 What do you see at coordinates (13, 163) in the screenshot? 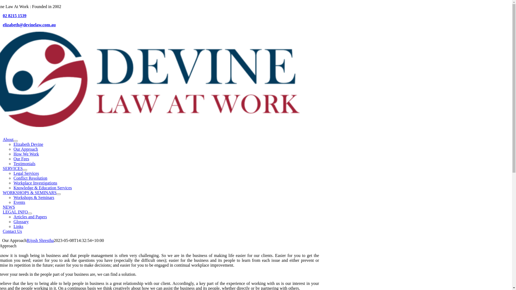
I see `'Testimonials'` at bounding box center [13, 163].